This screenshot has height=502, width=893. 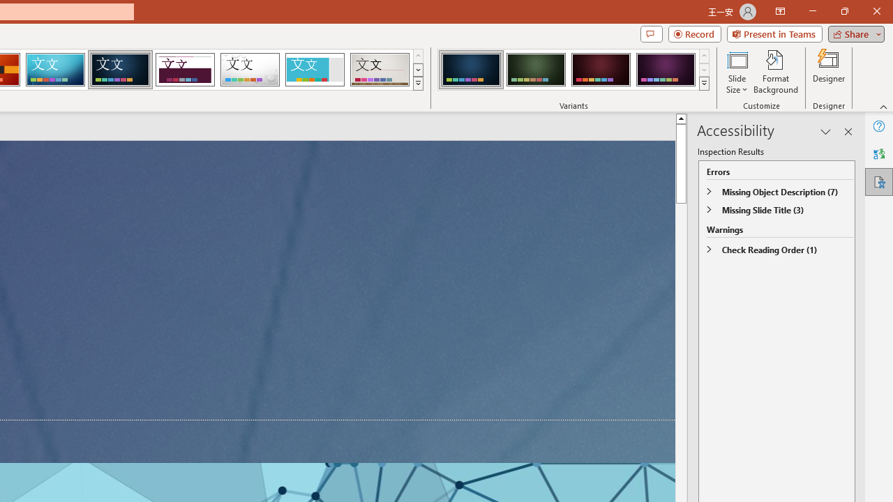 What do you see at coordinates (250, 70) in the screenshot?
I see `'Droplet'` at bounding box center [250, 70].